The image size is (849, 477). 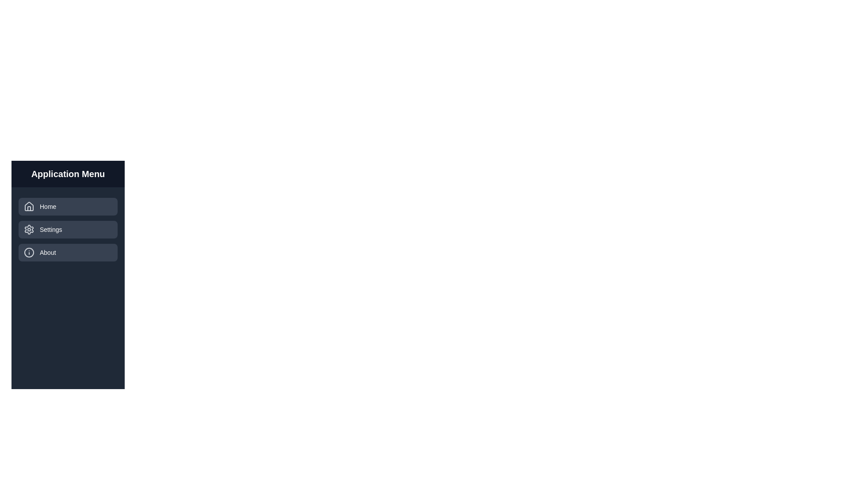 What do you see at coordinates (67, 252) in the screenshot?
I see `the menu item About to display its hover effect` at bounding box center [67, 252].